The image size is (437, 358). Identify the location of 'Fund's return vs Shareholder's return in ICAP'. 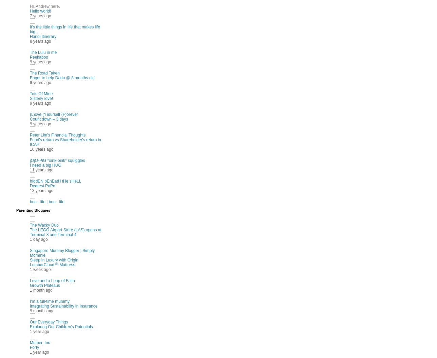
(65, 141).